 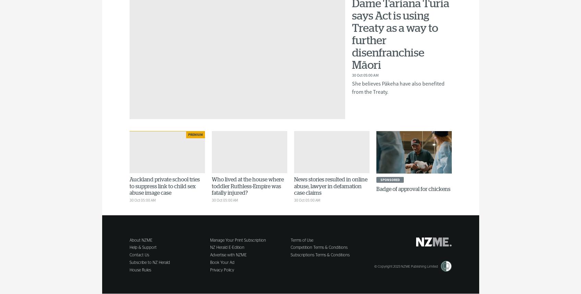 I want to click on 'Badge of approval for chickens', so click(x=413, y=188).